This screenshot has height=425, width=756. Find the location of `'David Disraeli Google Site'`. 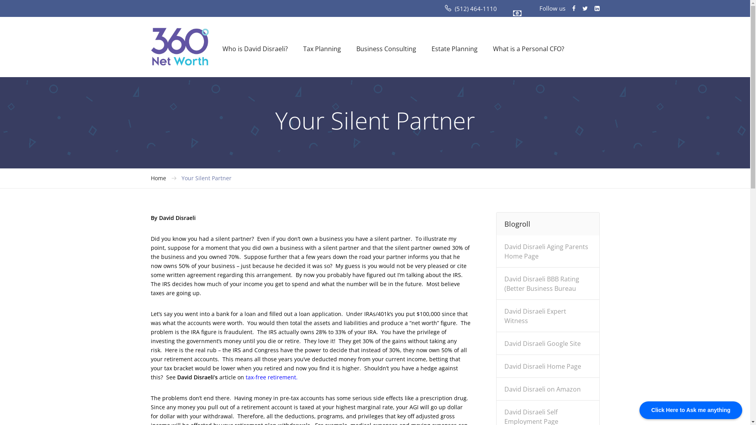

'David Disraeli Google Site' is located at coordinates (542, 346).